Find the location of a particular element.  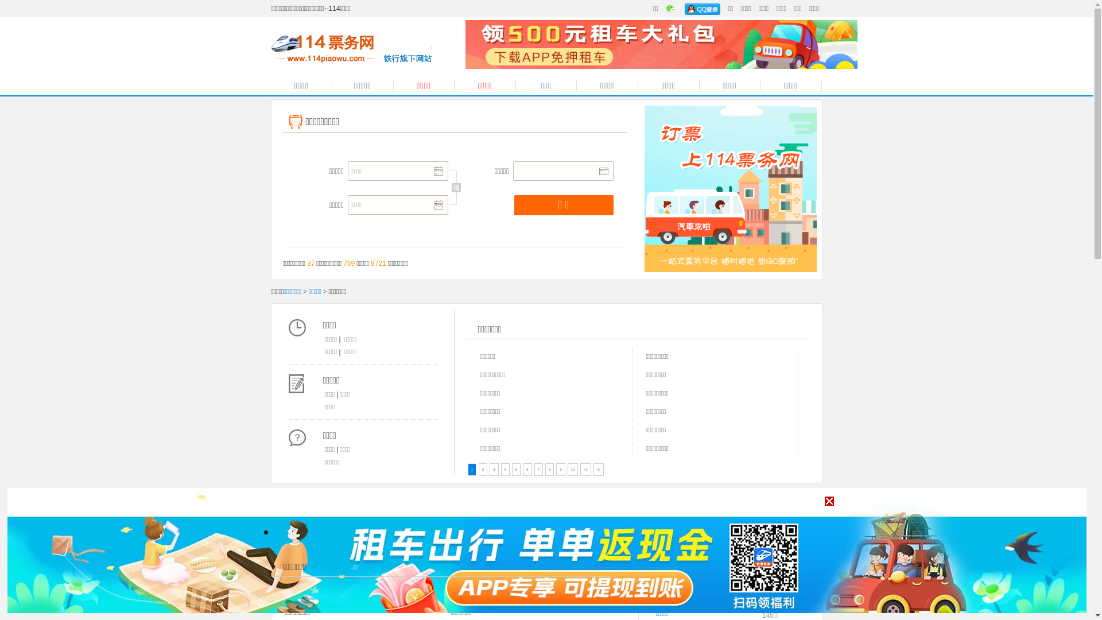

'9' is located at coordinates (560, 469).